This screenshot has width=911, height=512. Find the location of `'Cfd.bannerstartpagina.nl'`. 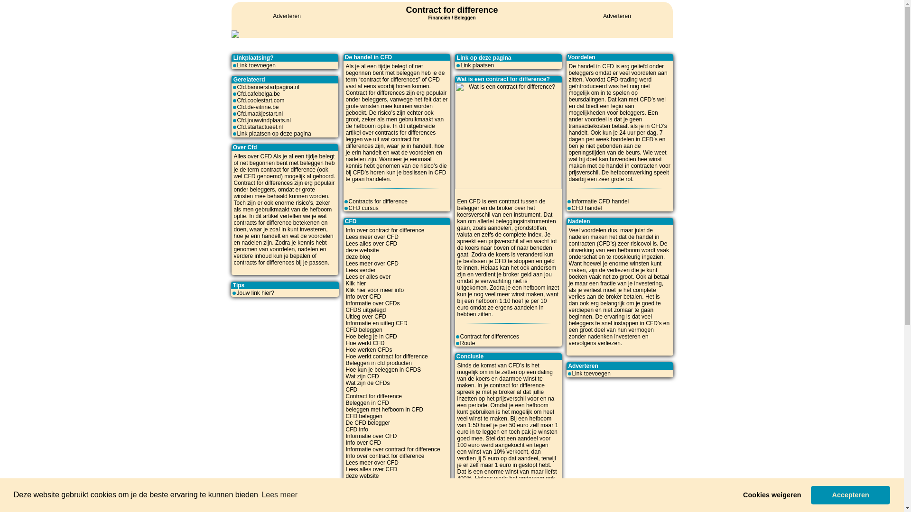

'Cfd.bannerstartpagina.nl' is located at coordinates (268, 87).